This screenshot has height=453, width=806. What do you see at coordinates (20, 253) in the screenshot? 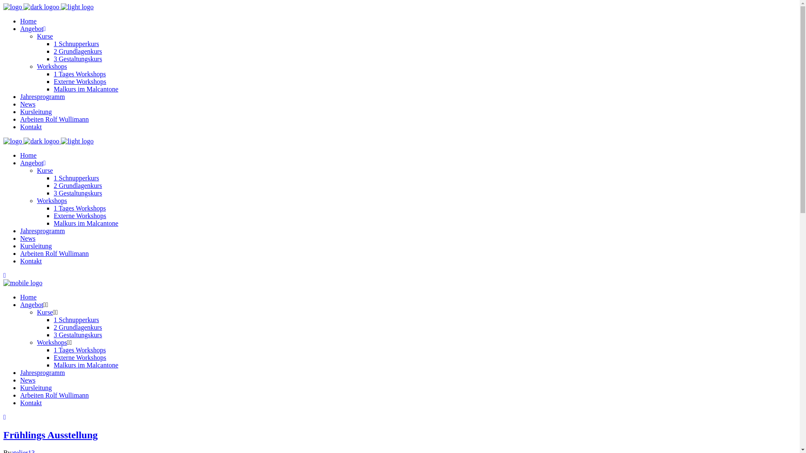
I see `'Arbeiten Rolf Wullimann'` at bounding box center [20, 253].